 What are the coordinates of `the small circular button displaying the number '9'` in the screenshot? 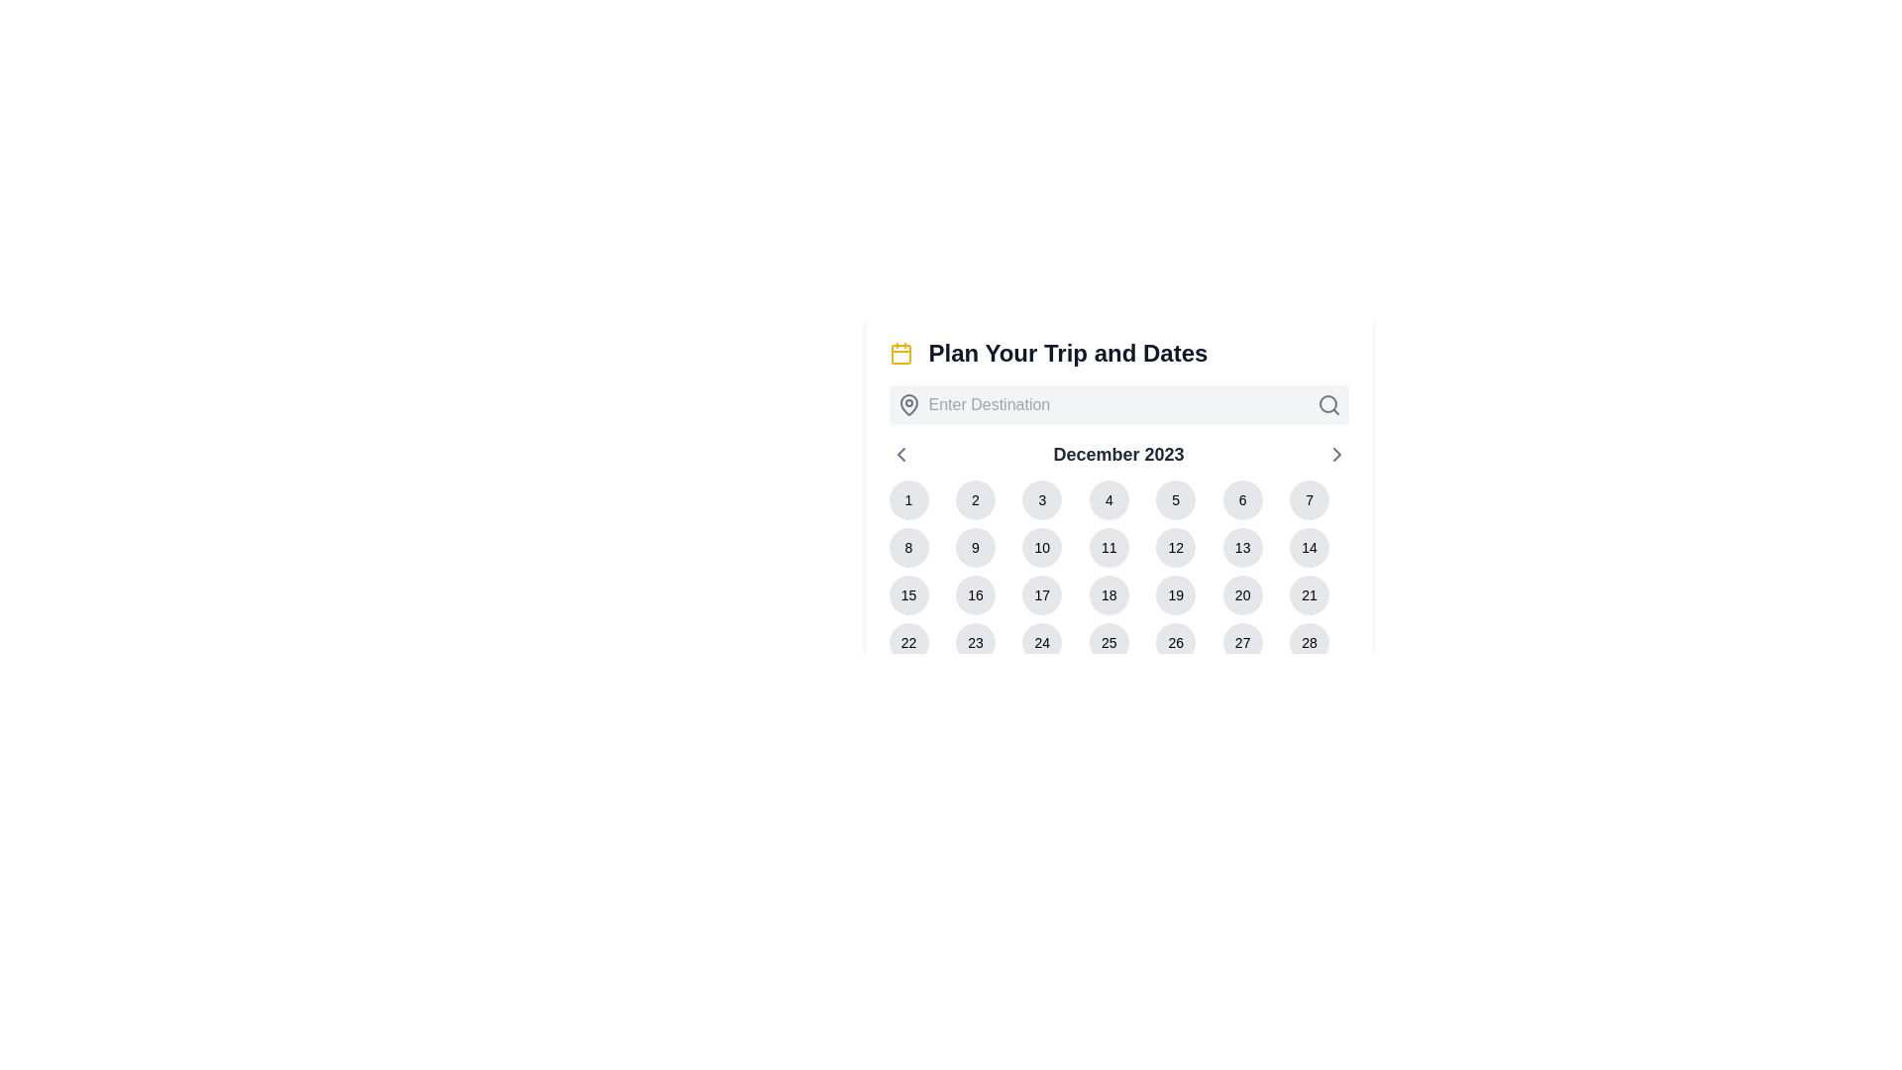 It's located at (975, 547).